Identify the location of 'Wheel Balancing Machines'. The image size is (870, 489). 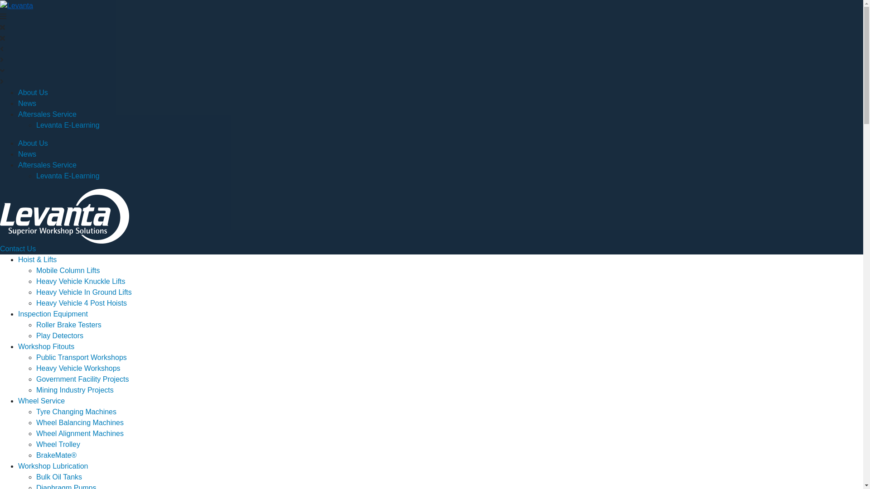
(80, 422).